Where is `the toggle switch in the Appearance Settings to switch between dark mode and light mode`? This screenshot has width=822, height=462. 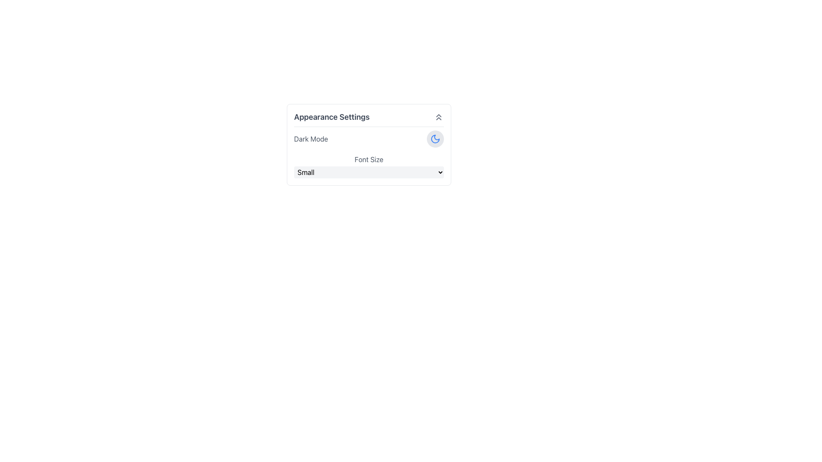 the toggle switch in the Appearance Settings to switch between dark mode and light mode is located at coordinates (369, 138).